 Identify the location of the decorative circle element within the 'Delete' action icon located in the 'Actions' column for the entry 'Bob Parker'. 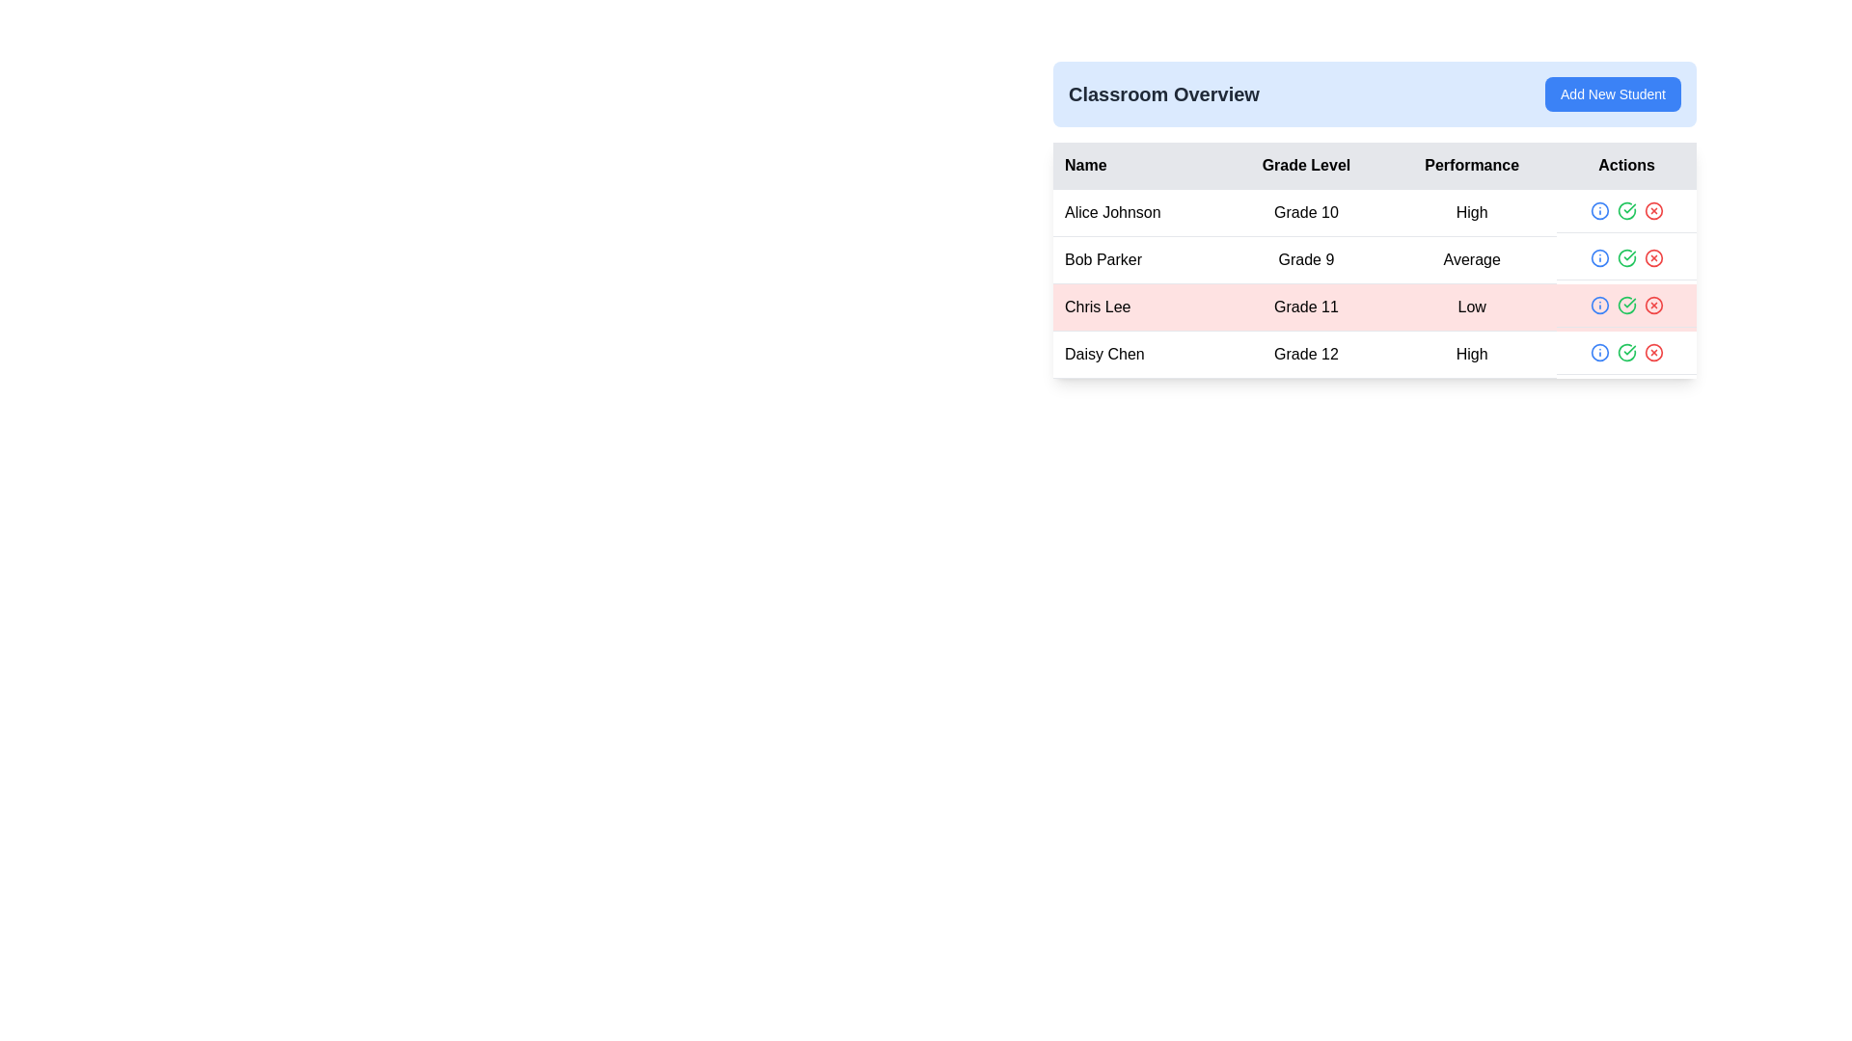
(1652, 256).